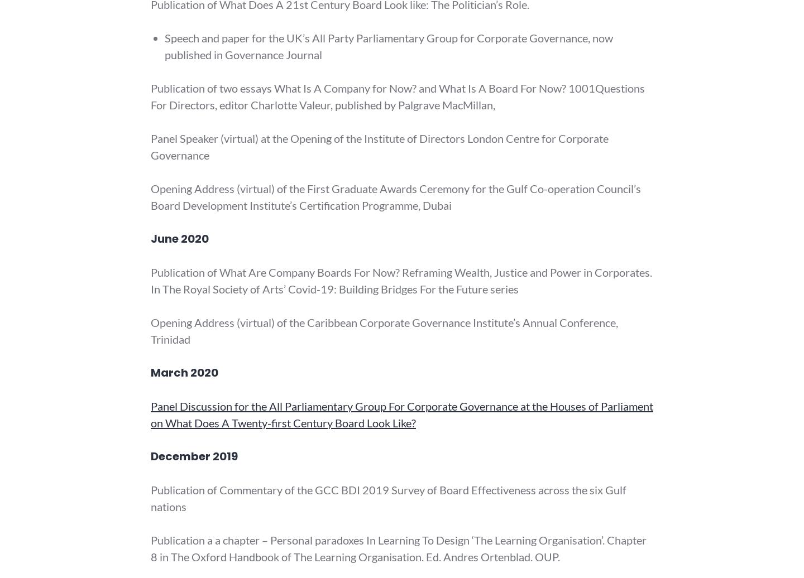 The image size is (804, 578). I want to click on 'Speech and paper for the UK’s All Party Parliamentary Group for Corporate Governance, now published in Governance Journal', so click(164, 46).